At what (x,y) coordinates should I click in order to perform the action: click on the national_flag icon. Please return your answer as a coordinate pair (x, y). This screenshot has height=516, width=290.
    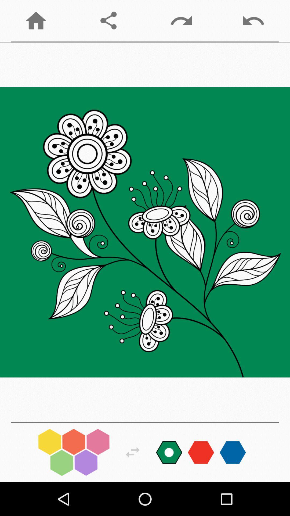
    Looking at the image, I should click on (169, 452).